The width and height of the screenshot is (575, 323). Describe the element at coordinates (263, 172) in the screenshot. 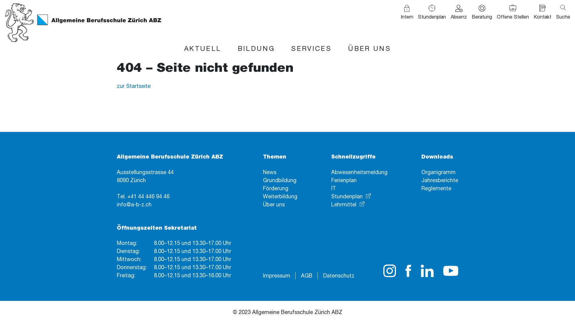

I see `'News'` at that location.